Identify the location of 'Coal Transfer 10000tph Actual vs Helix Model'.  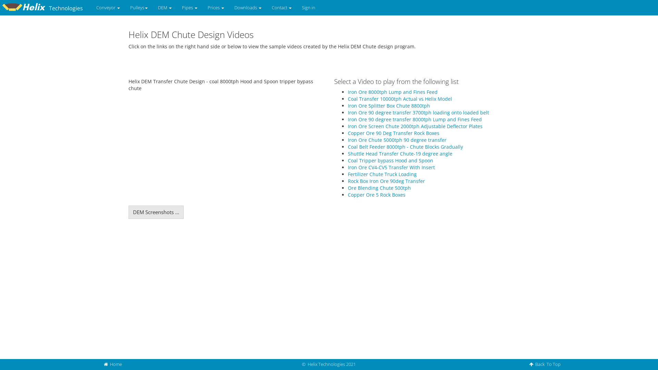
(400, 99).